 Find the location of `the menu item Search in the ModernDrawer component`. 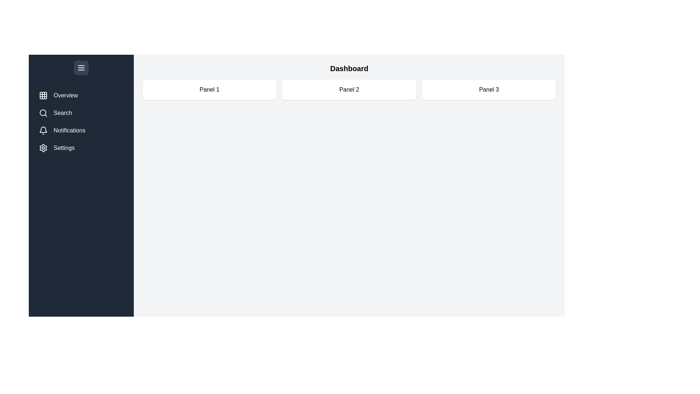

the menu item Search in the ModernDrawer component is located at coordinates (81, 113).